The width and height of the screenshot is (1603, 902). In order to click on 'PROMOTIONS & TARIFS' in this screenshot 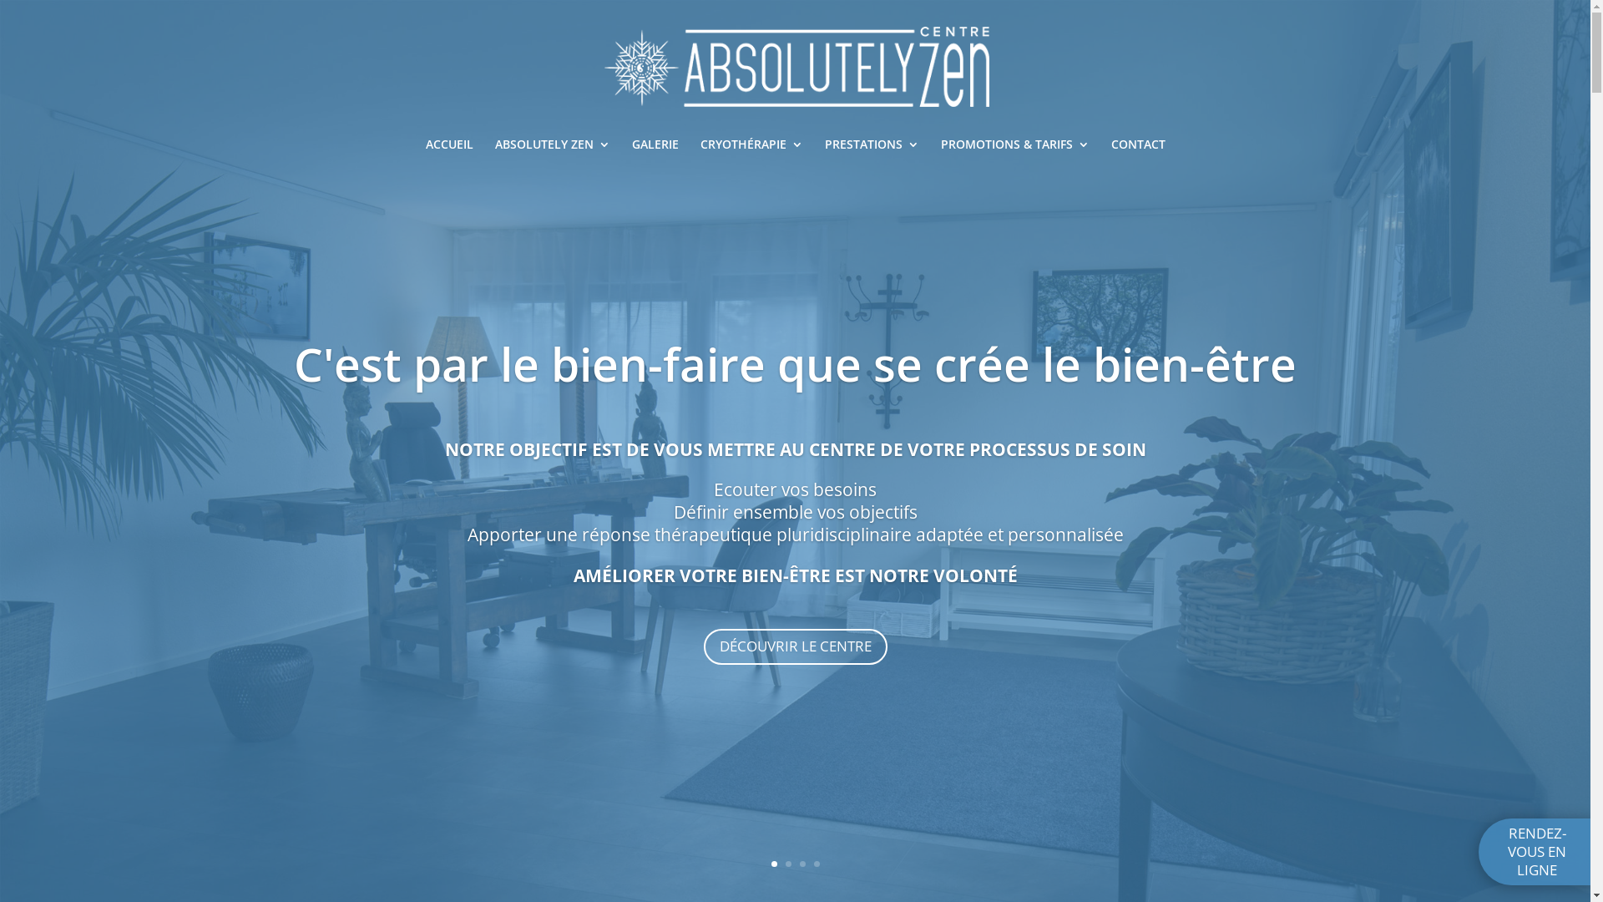, I will do `click(1013, 150)`.